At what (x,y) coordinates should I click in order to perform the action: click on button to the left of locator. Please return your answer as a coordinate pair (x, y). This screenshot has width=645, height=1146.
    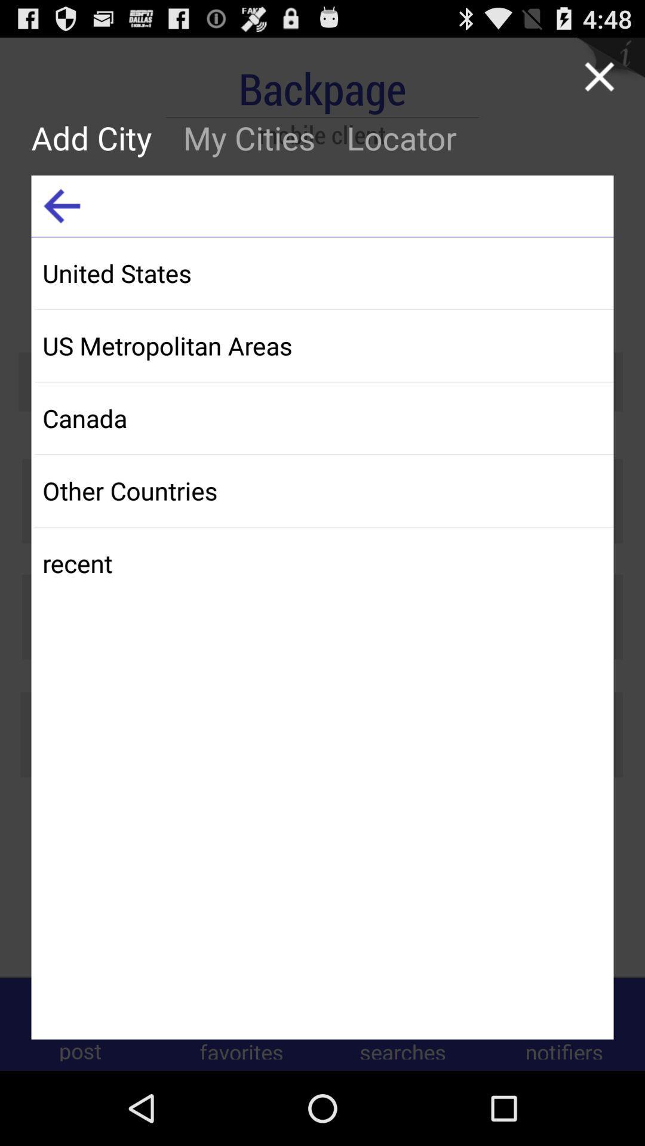
    Looking at the image, I should click on (248, 137).